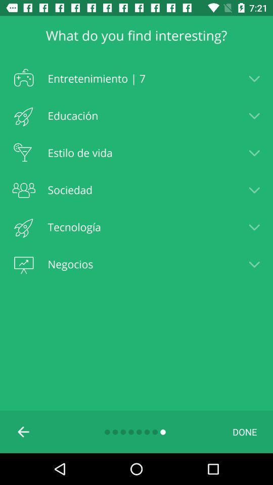  I want to click on icon below negocios item, so click(244, 431).